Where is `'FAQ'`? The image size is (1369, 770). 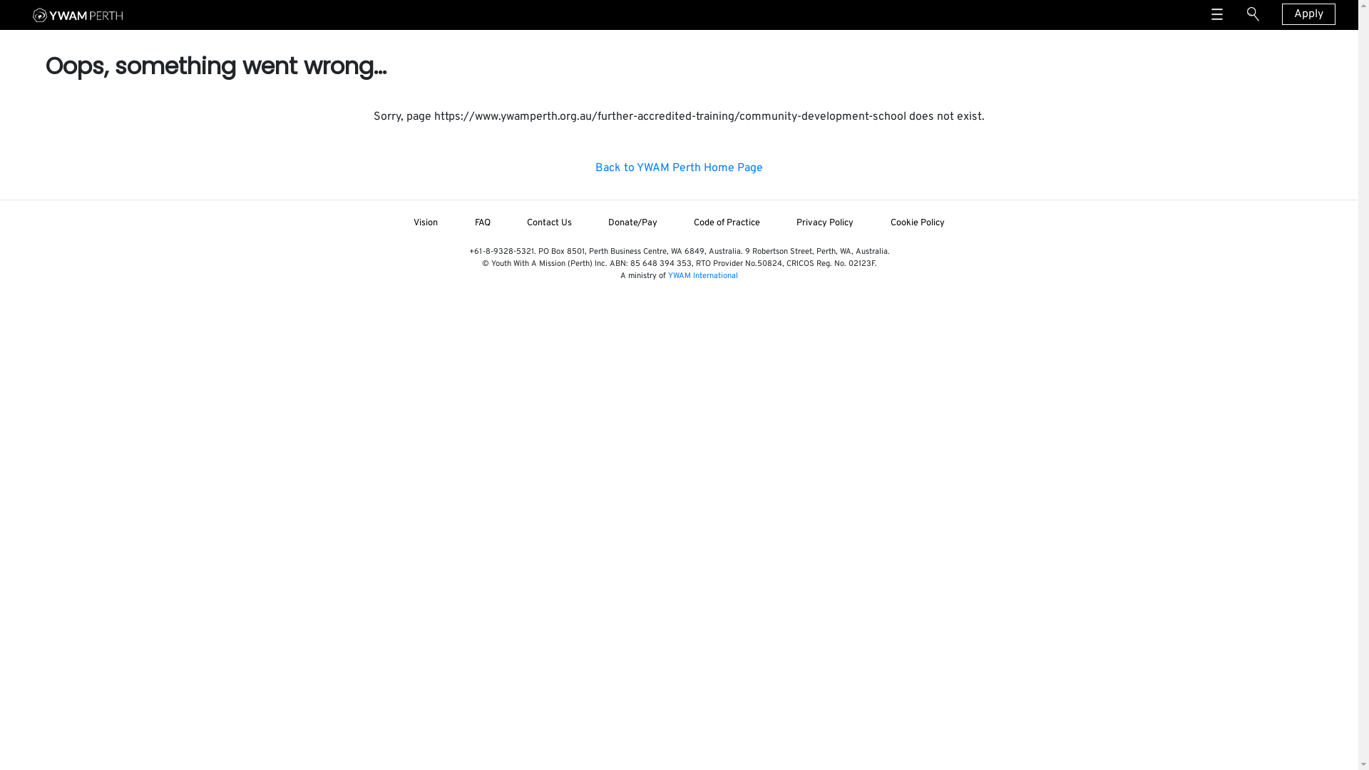
'FAQ' is located at coordinates (482, 222).